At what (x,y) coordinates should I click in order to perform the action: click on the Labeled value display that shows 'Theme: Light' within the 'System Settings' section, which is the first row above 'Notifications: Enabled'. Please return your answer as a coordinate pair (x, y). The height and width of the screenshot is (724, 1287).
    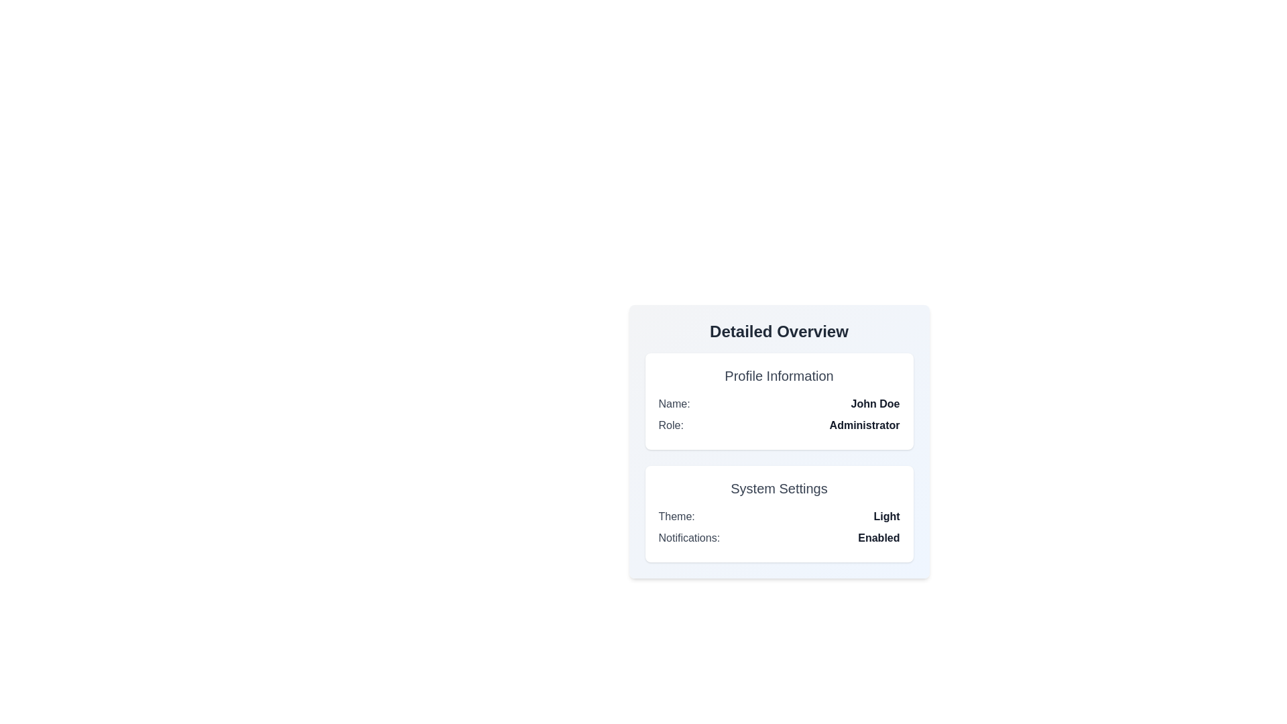
    Looking at the image, I should click on (779, 516).